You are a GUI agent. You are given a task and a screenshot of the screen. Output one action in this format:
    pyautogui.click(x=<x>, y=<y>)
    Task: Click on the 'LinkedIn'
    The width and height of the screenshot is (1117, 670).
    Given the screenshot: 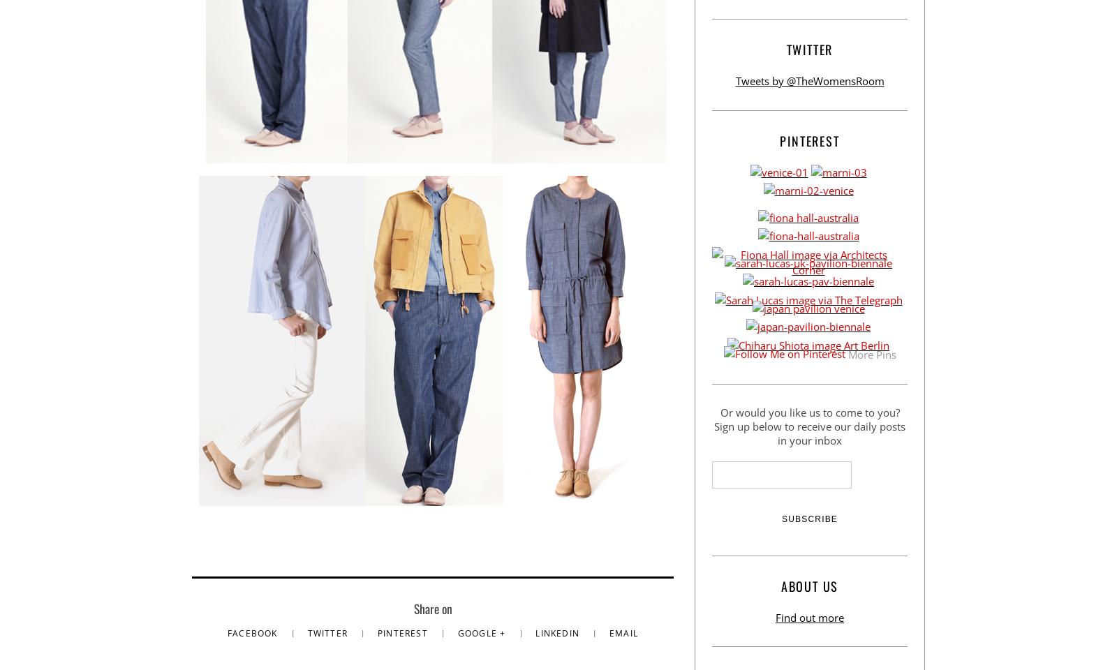 What is the action you would take?
    pyautogui.click(x=558, y=633)
    